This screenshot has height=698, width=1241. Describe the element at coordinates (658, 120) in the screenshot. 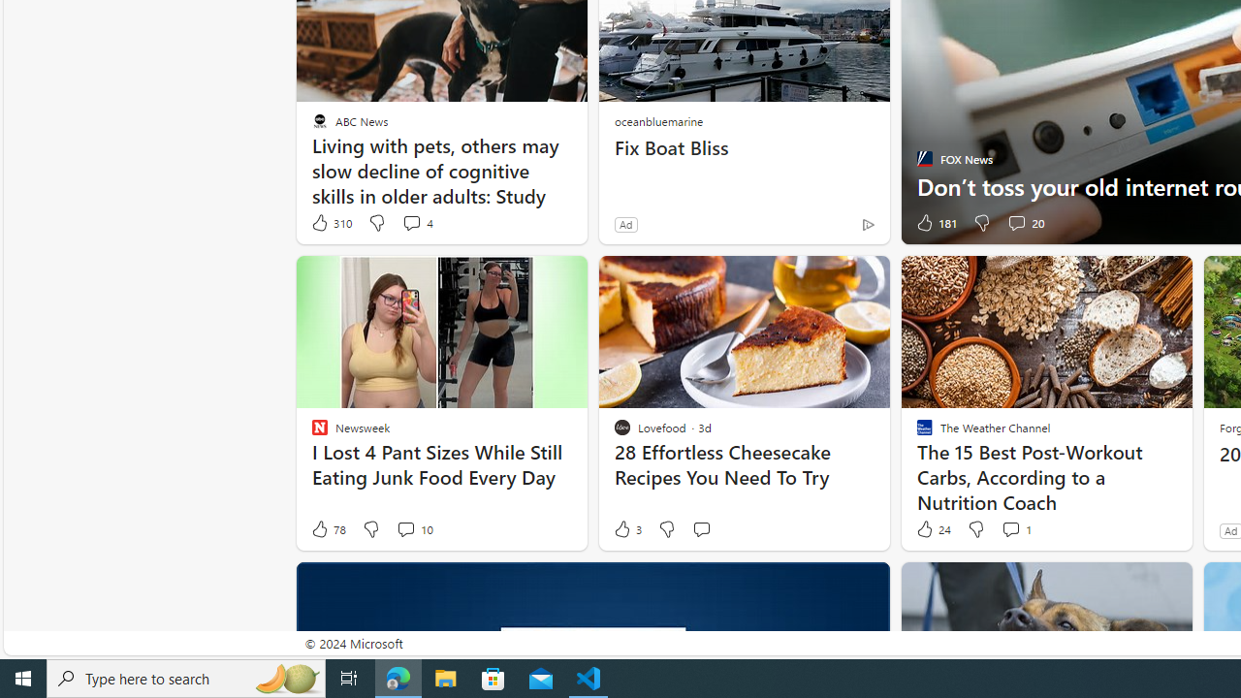

I see `'oceanbluemarine'` at that location.